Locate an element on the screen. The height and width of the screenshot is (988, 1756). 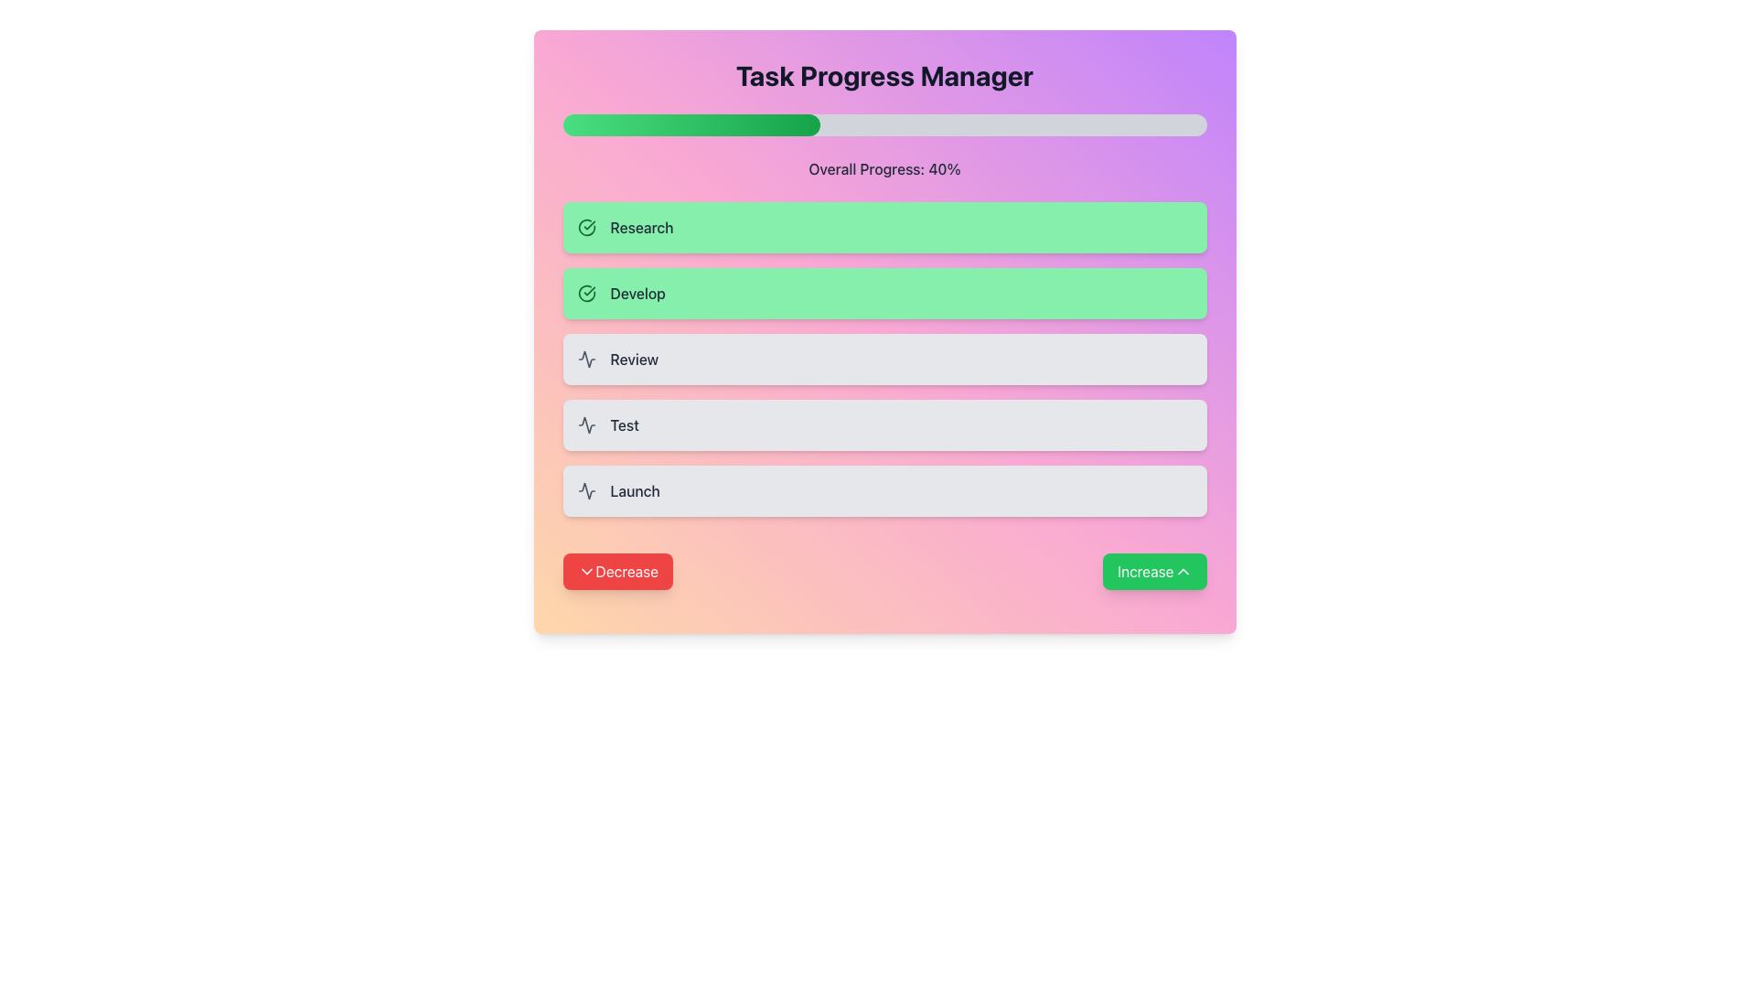
the labeled step item named 'Review', which is the third item in a vertical list between 'Develop' and 'Test' is located at coordinates (884, 360).